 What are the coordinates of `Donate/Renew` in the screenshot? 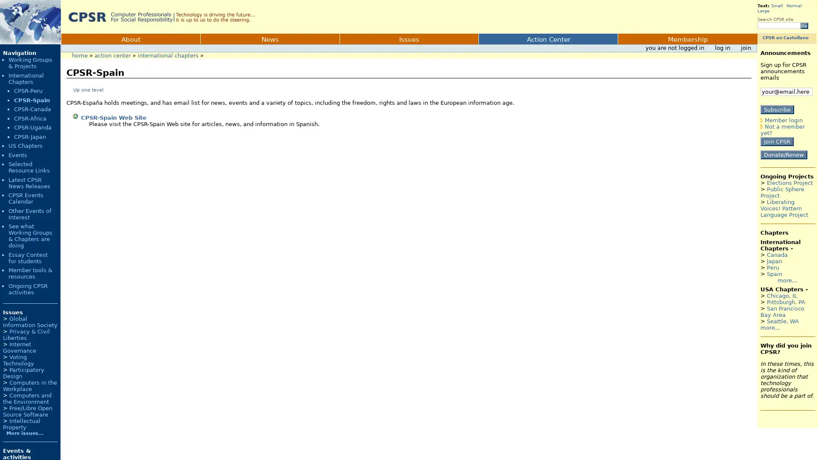 It's located at (783, 154).